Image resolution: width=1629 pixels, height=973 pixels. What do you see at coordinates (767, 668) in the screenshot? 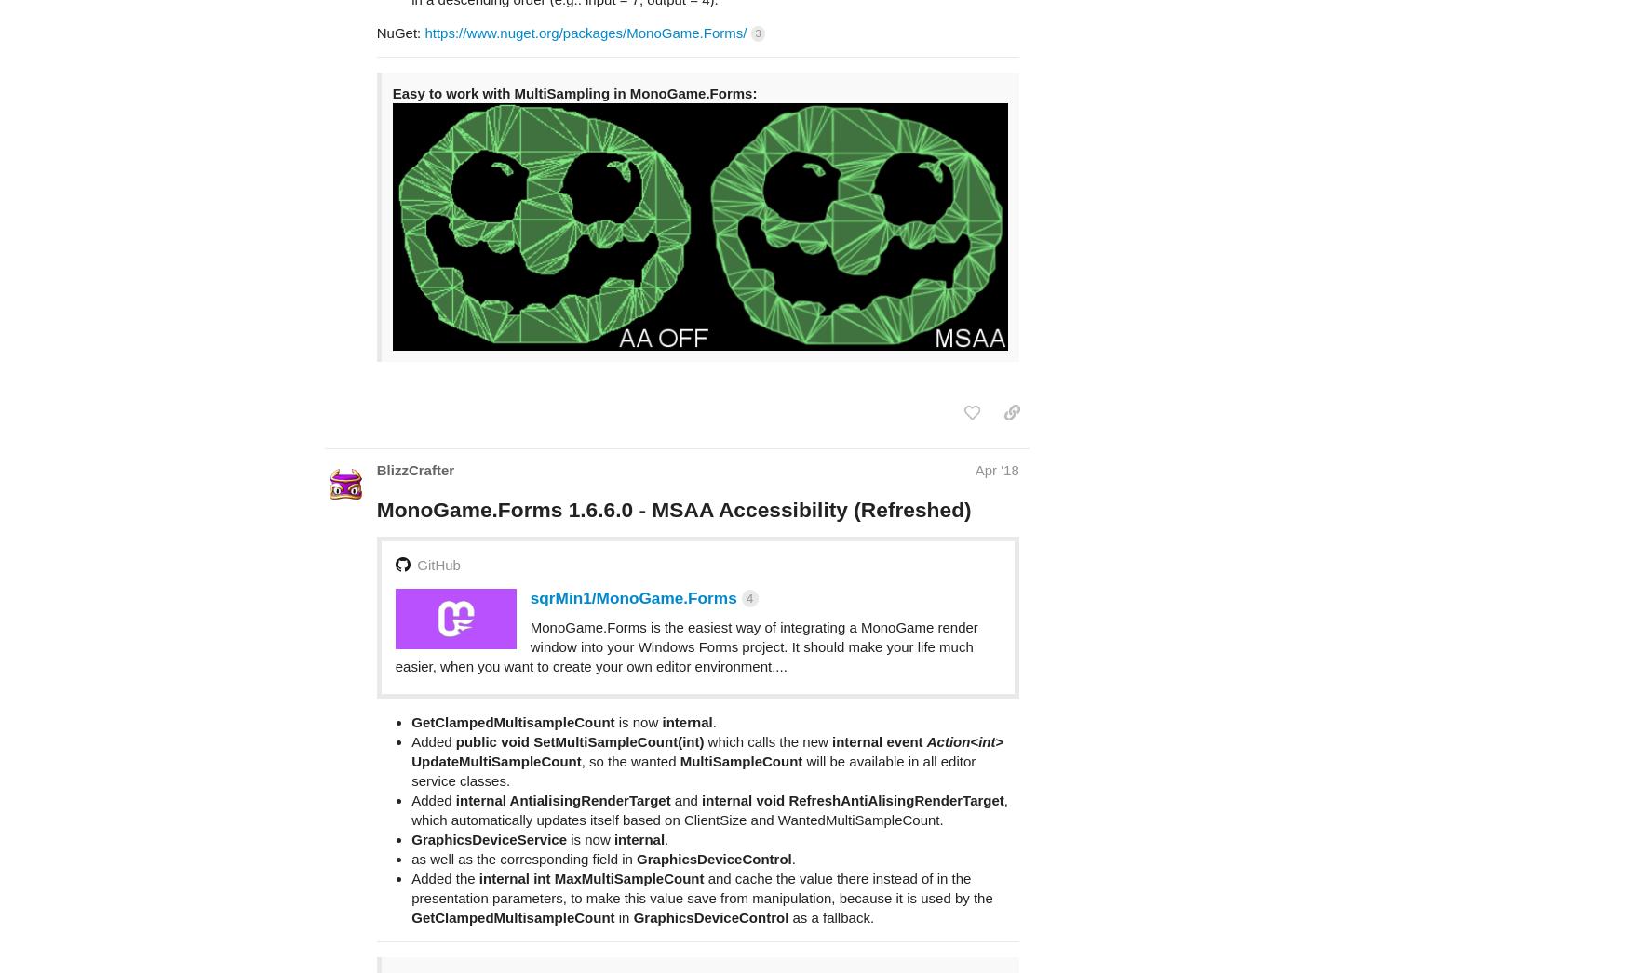
I see `'which calls the new'` at bounding box center [767, 668].